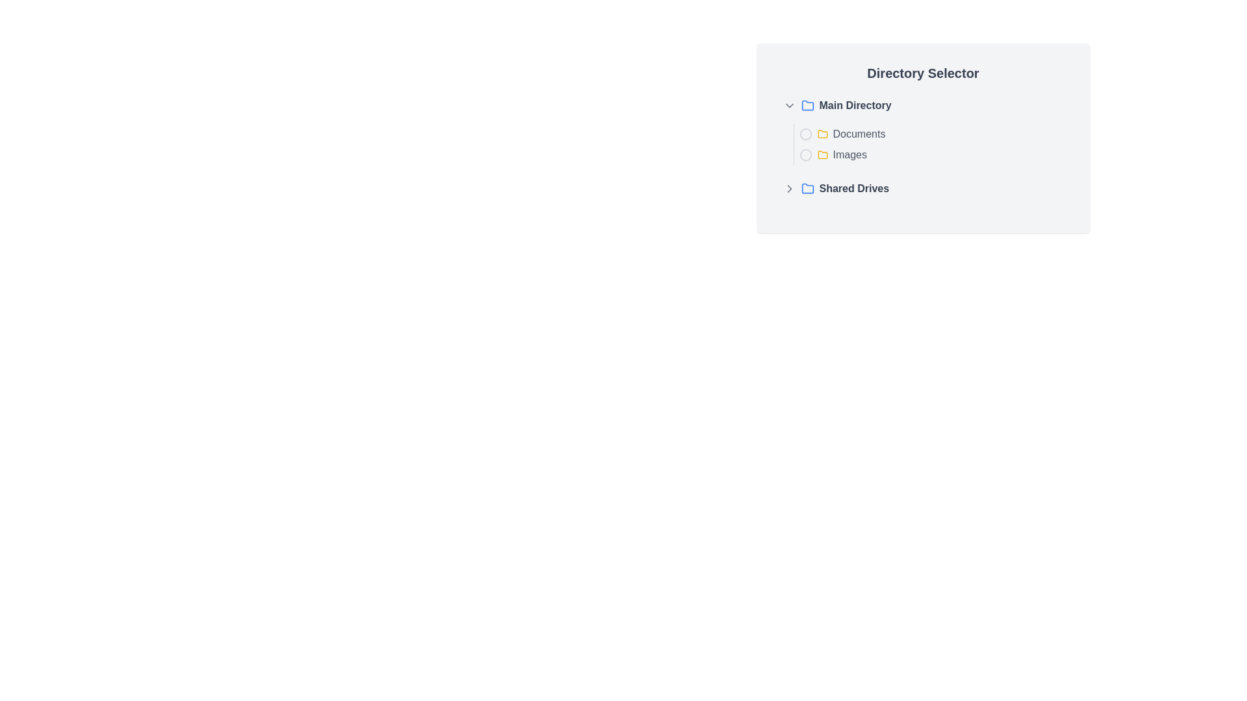 Image resolution: width=1247 pixels, height=701 pixels. Describe the element at coordinates (805, 154) in the screenshot. I see `the hollow gray circle icon next to the folder labeled 'Images'` at that location.